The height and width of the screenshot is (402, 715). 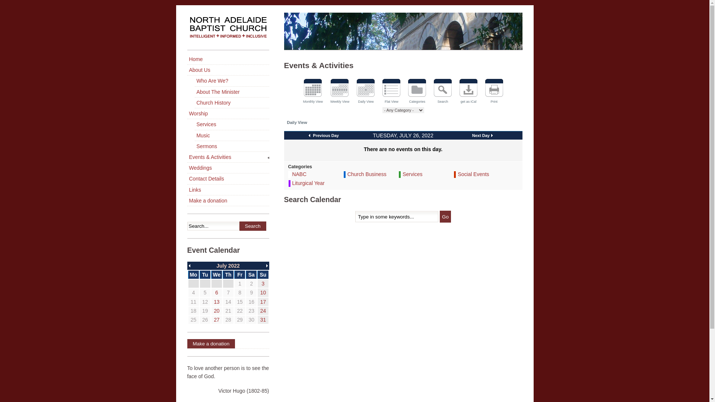 I want to click on 'Church Business', so click(x=367, y=174).